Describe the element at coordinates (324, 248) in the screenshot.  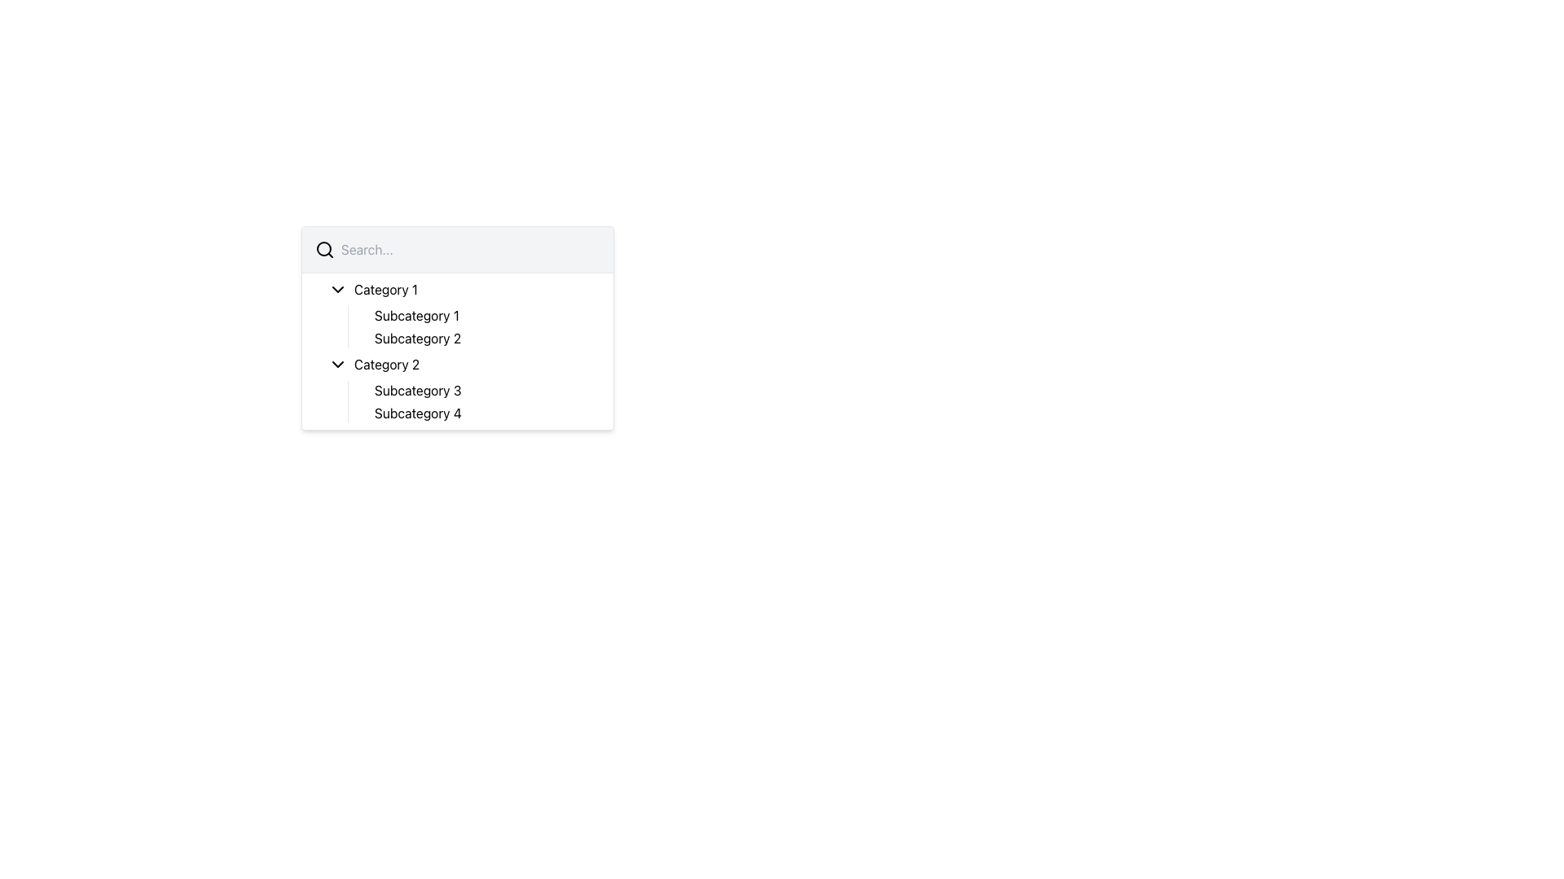
I see `the circle element of the magnifying glass icon located in the top-left corner of the dropdown menu header, which signifies the search functionality` at that location.